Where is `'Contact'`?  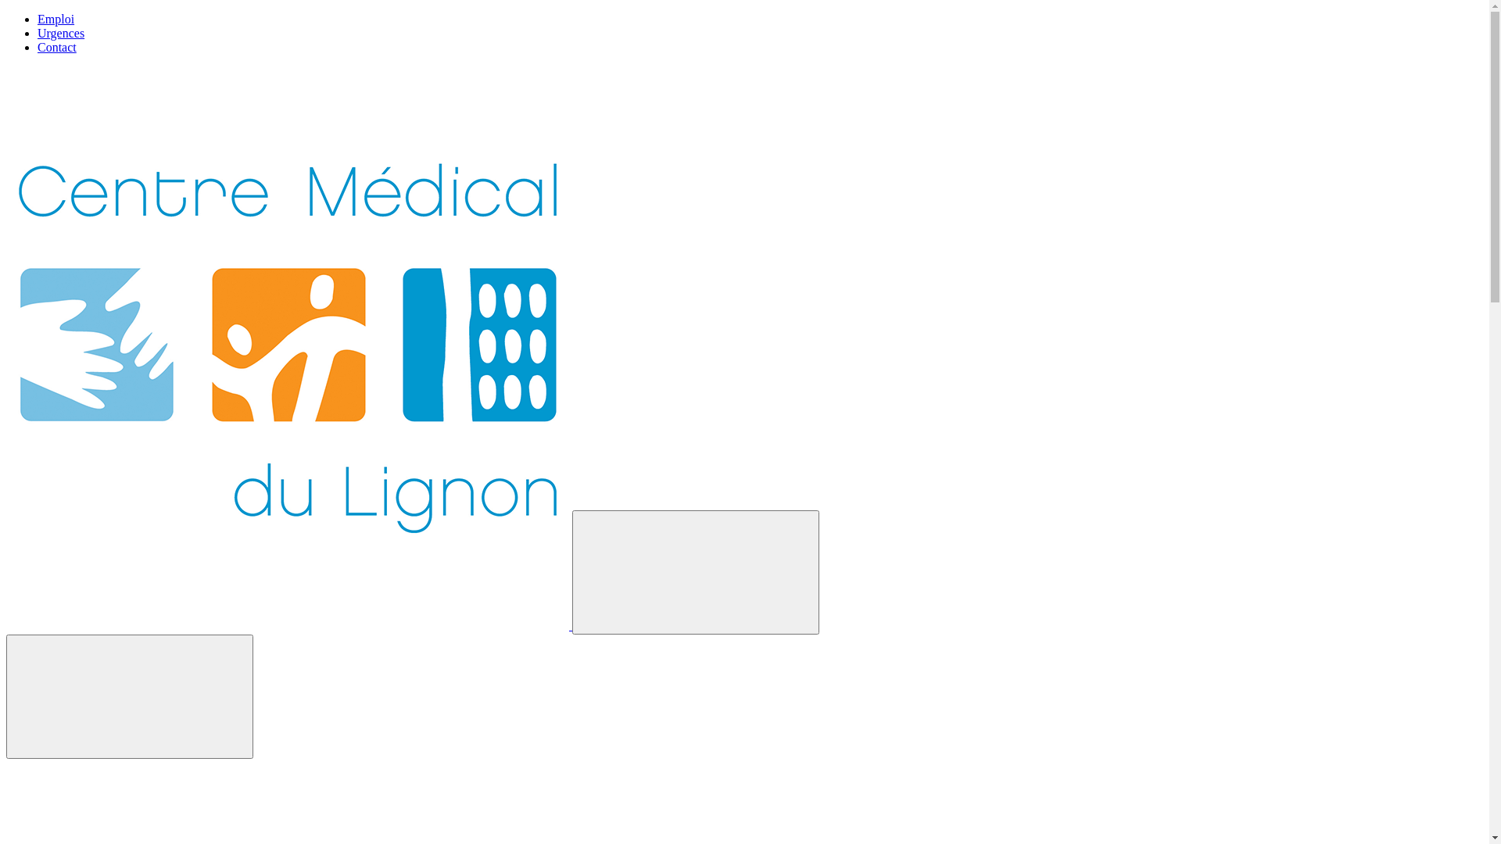 'Contact' is located at coordinates (56, 46).